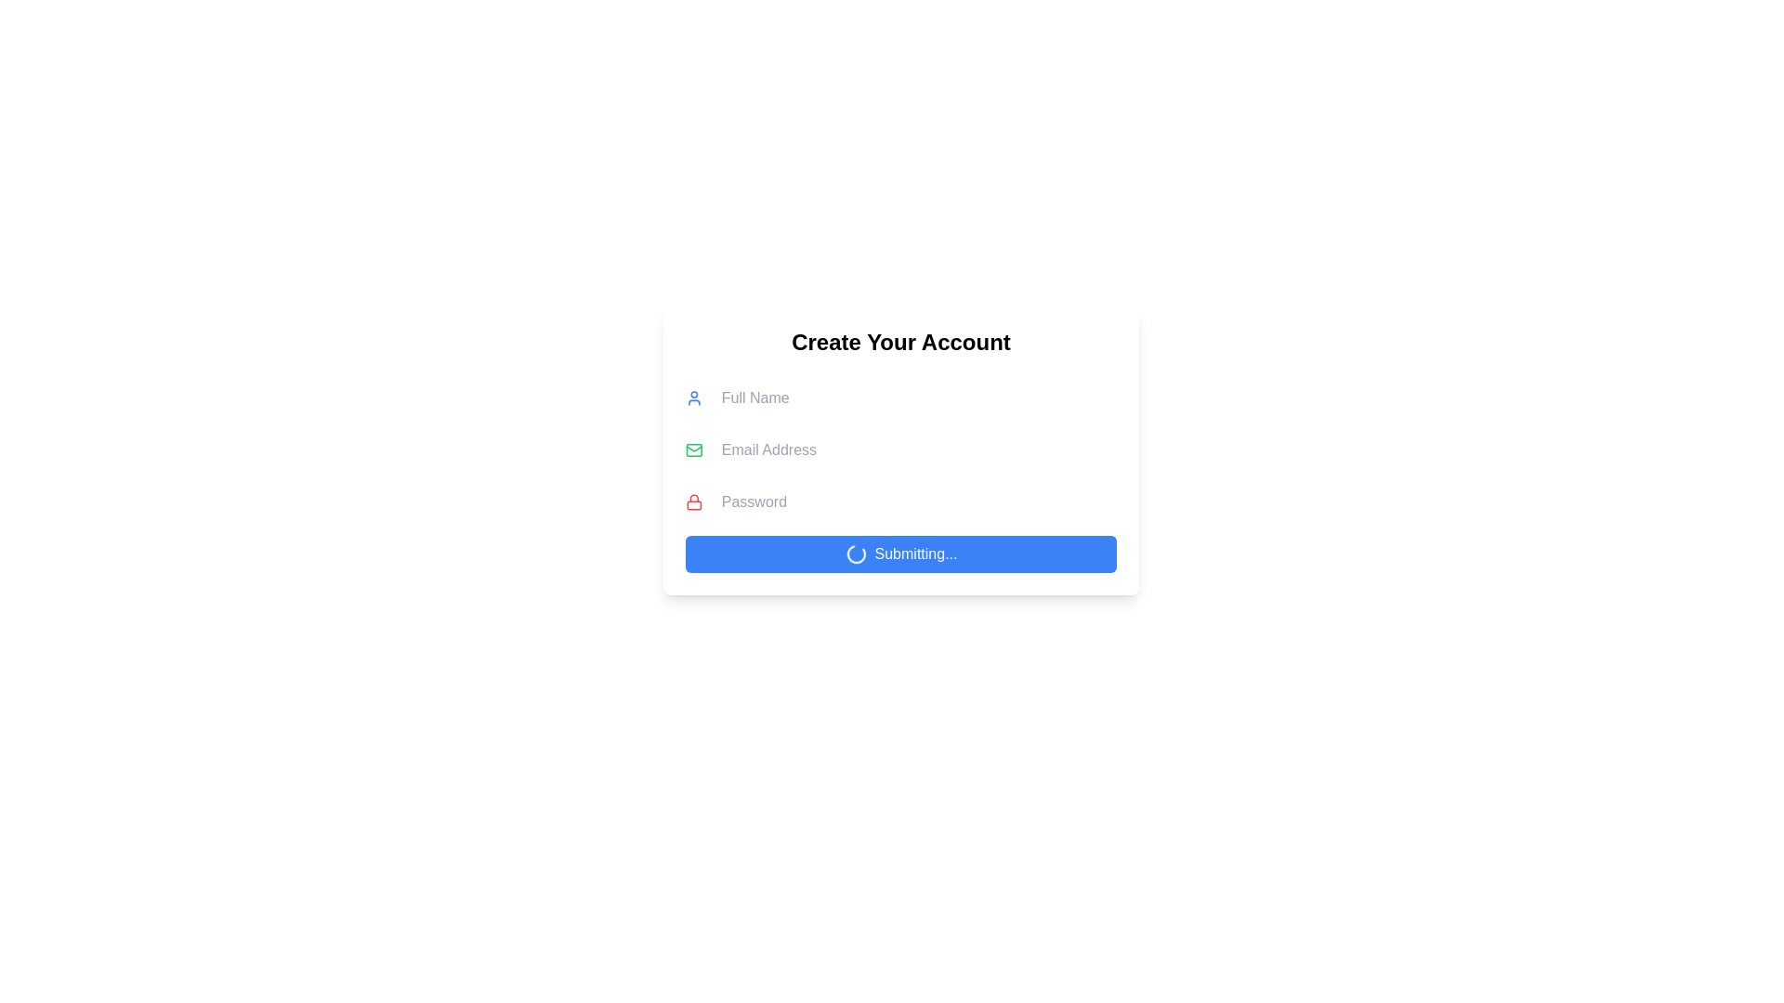 This screenshot has height=1003, width=1784. Describe the element at coordinates (693, 505) in the screenshot. I see `the bottom rectangle of the red-themed lock icon located to the left of the 'Password' text field in the user sign-up form` at that location.